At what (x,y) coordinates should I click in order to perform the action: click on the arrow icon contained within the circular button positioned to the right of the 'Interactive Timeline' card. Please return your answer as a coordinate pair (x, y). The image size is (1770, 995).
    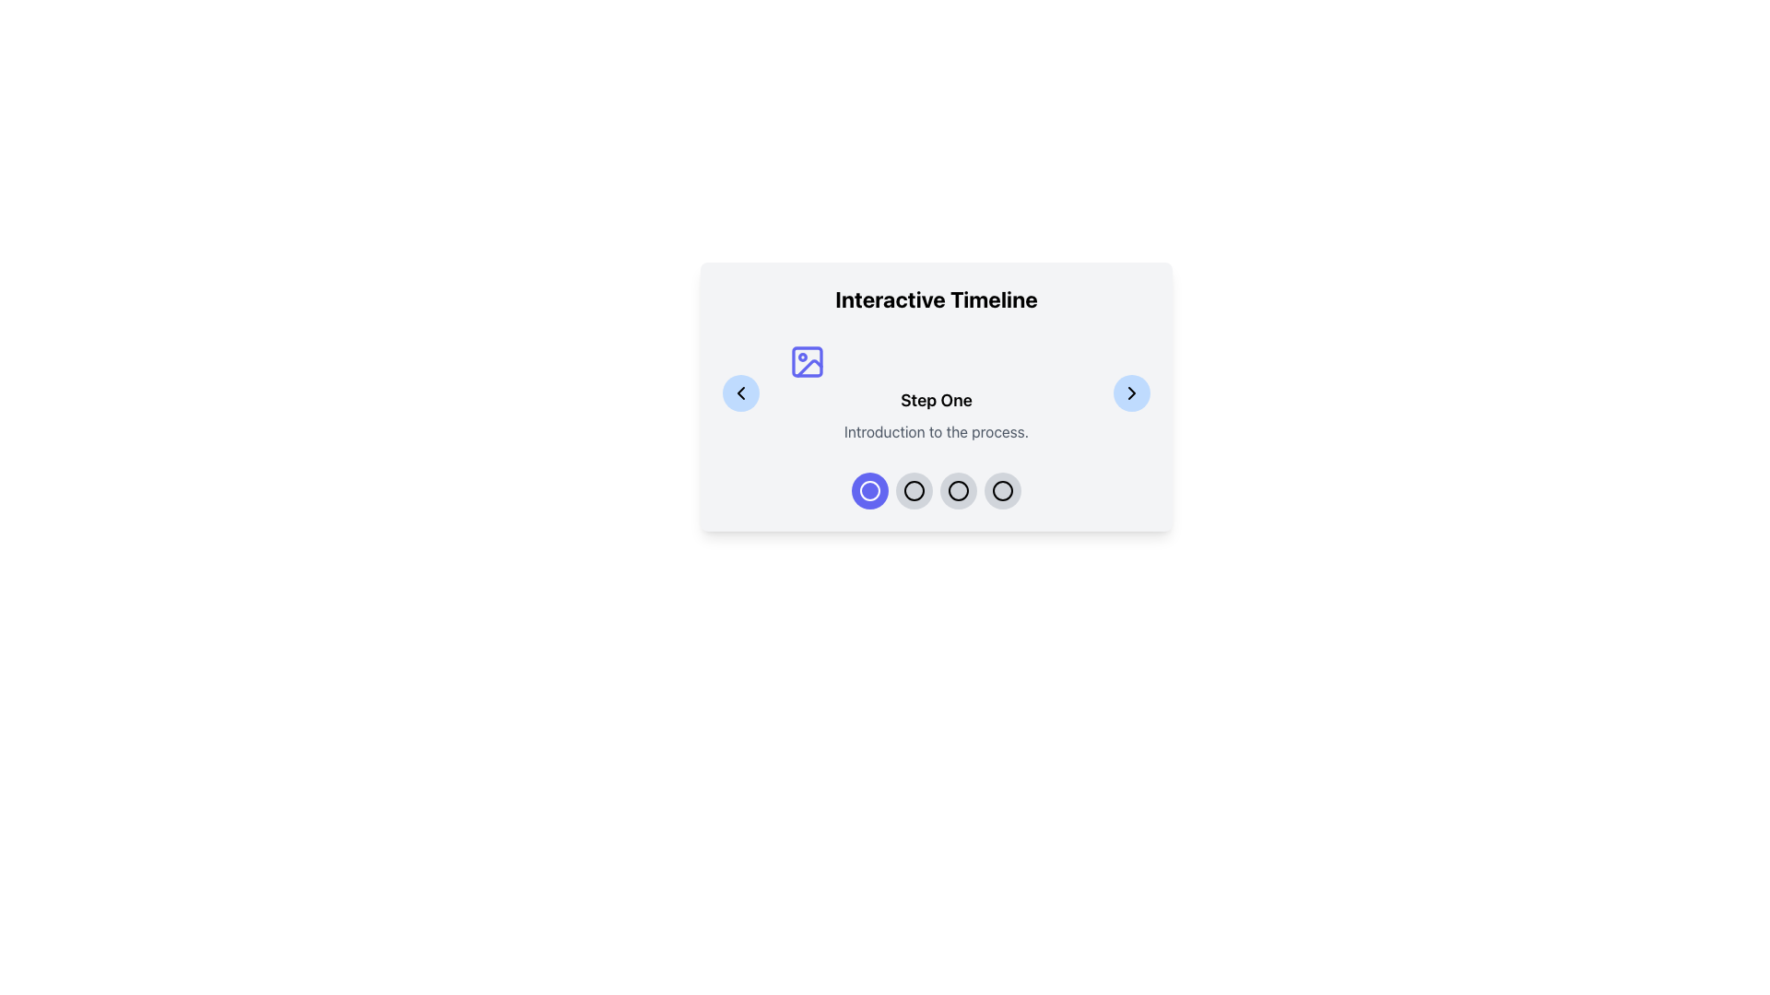
    Looking at the image, I should click on (1131, 392).